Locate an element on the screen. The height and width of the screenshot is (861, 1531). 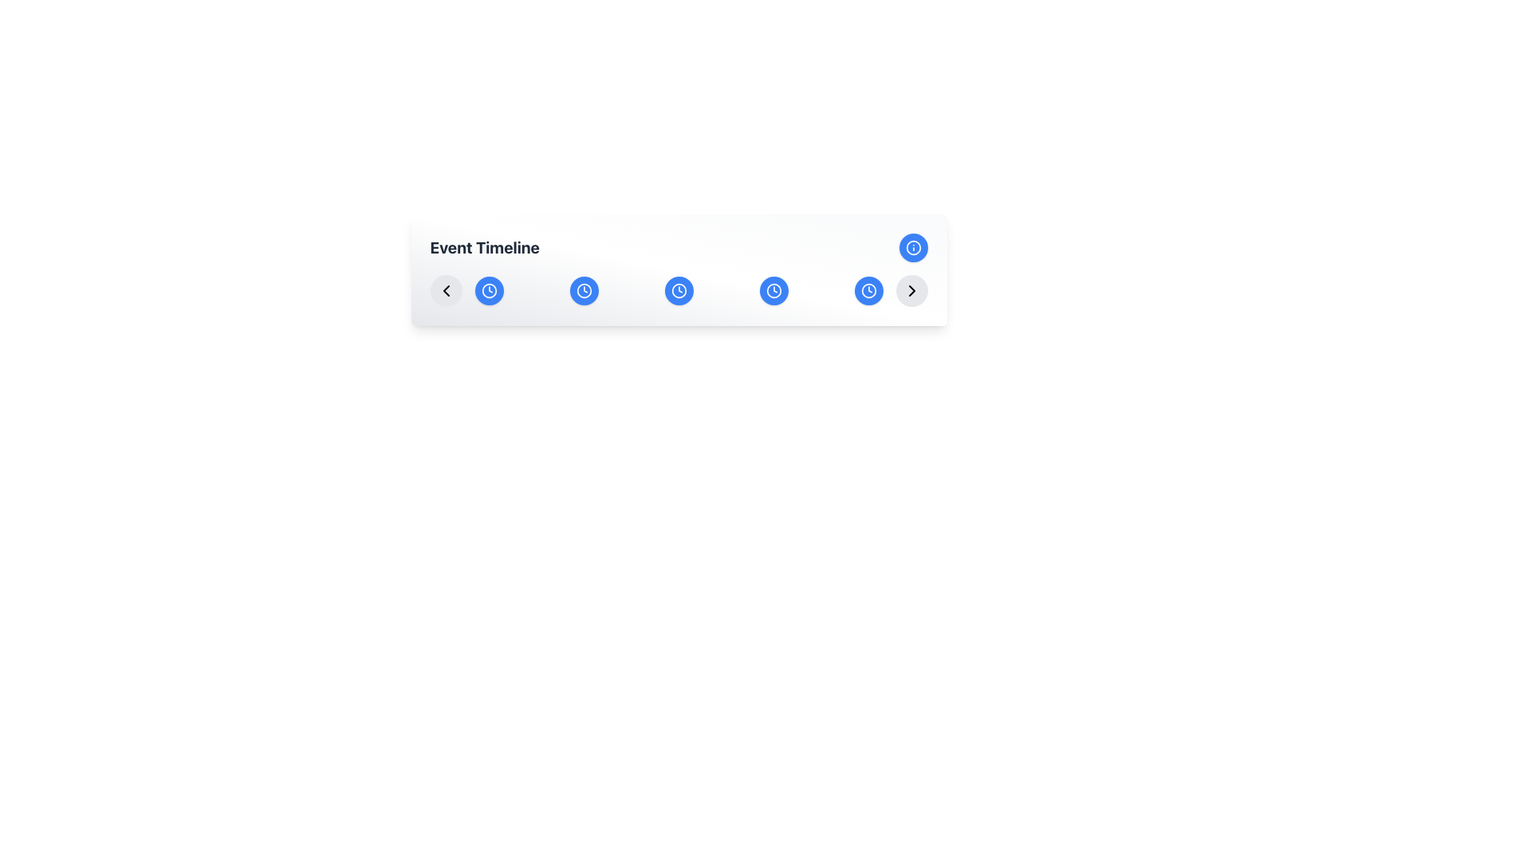
the third circular icon in the Event Timeline section, which visually represents a specific entry in the timeline is located at coordinates (679, 291).